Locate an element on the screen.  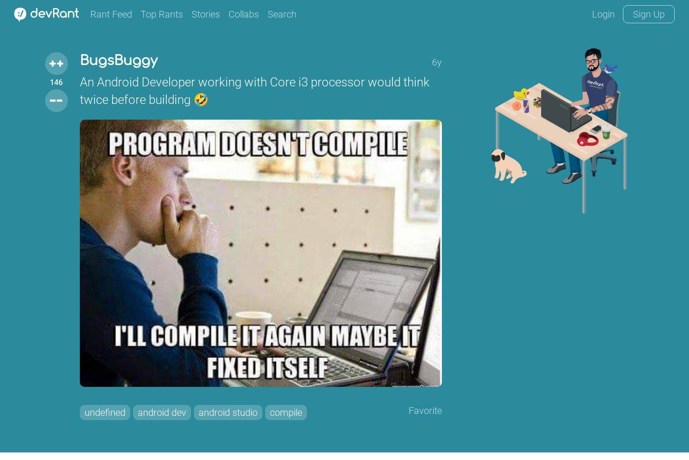
'Sign Up' is located at coordinates (648, 14).